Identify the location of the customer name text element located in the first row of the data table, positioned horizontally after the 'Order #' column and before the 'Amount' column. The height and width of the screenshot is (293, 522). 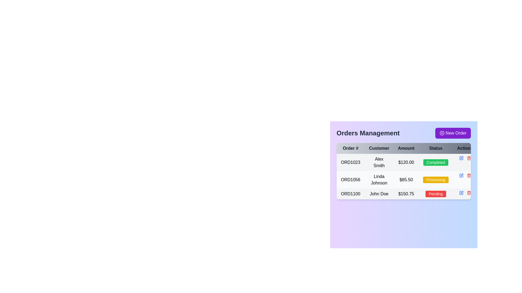
(379, 162).